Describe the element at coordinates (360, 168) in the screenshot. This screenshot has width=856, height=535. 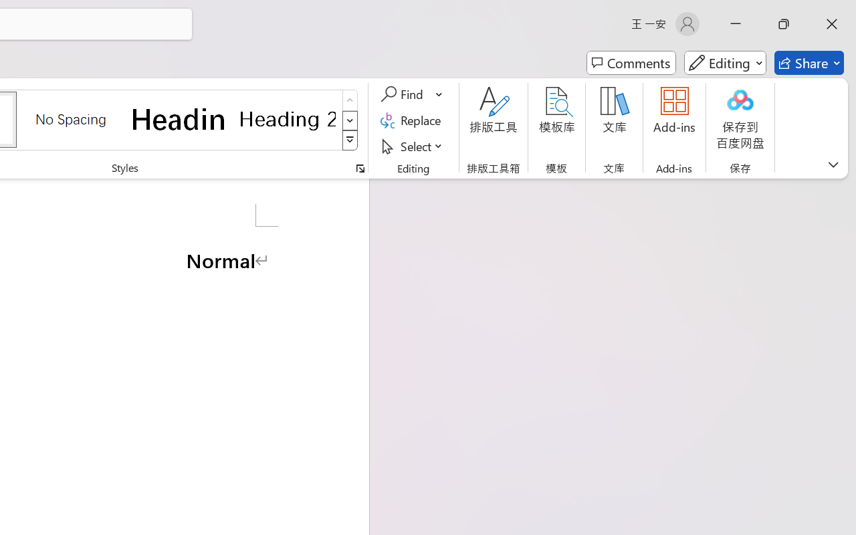
I see `'Styles...'` at that location.